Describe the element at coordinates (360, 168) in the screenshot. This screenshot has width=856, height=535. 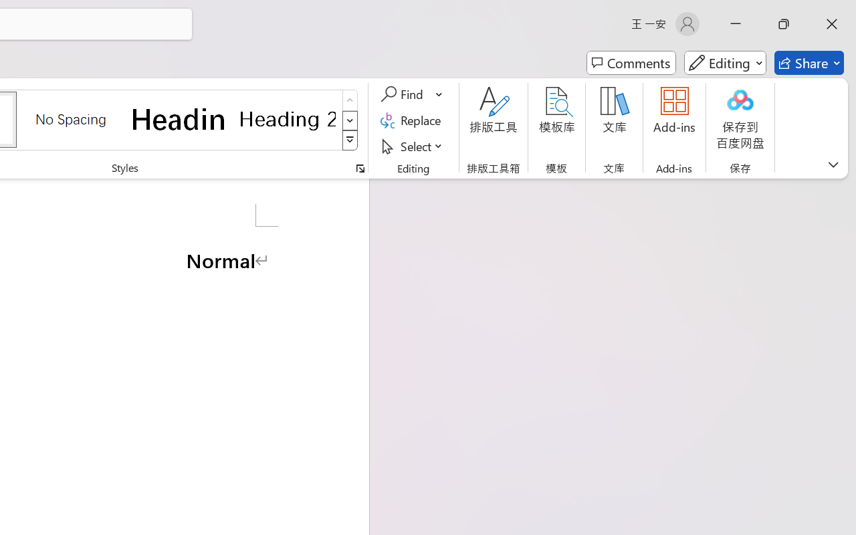
I see `'Styles...'` at that location.